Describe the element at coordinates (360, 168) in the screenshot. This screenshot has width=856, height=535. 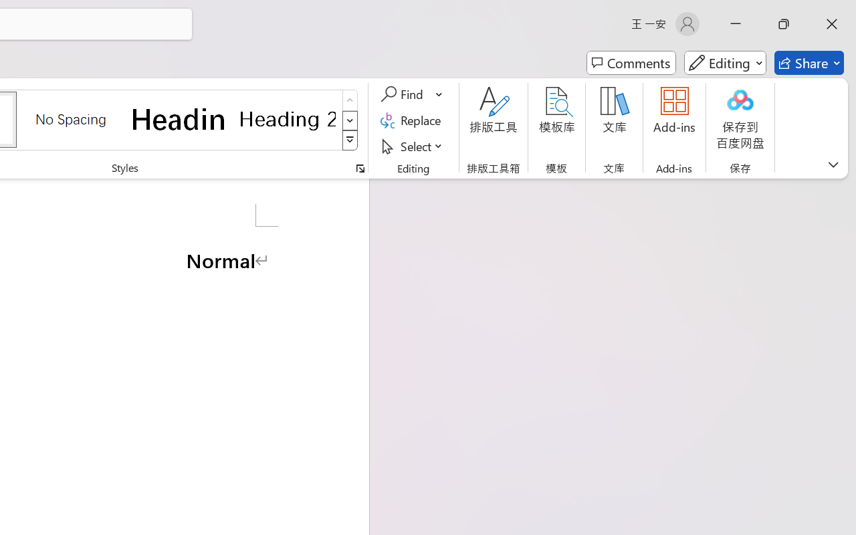
I see `'Styles...'` at that location.